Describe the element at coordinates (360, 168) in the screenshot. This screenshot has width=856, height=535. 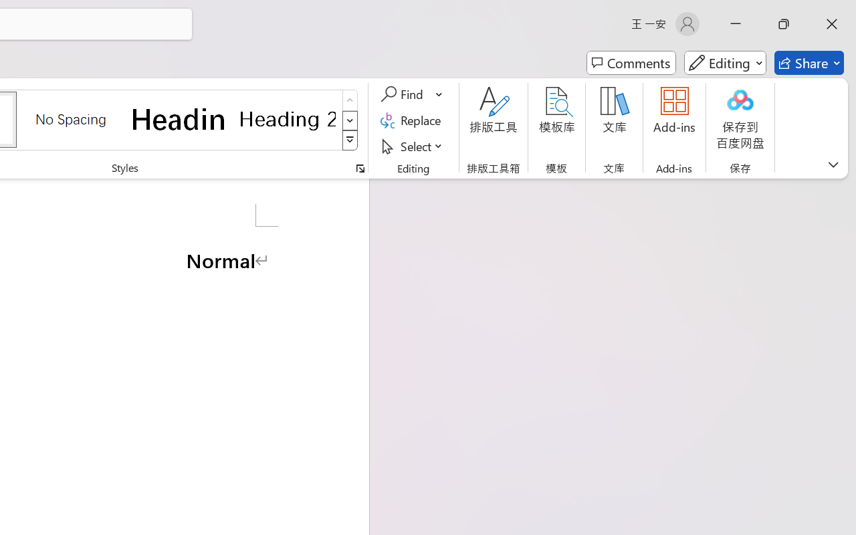
I see `'Styles...'` at that location.